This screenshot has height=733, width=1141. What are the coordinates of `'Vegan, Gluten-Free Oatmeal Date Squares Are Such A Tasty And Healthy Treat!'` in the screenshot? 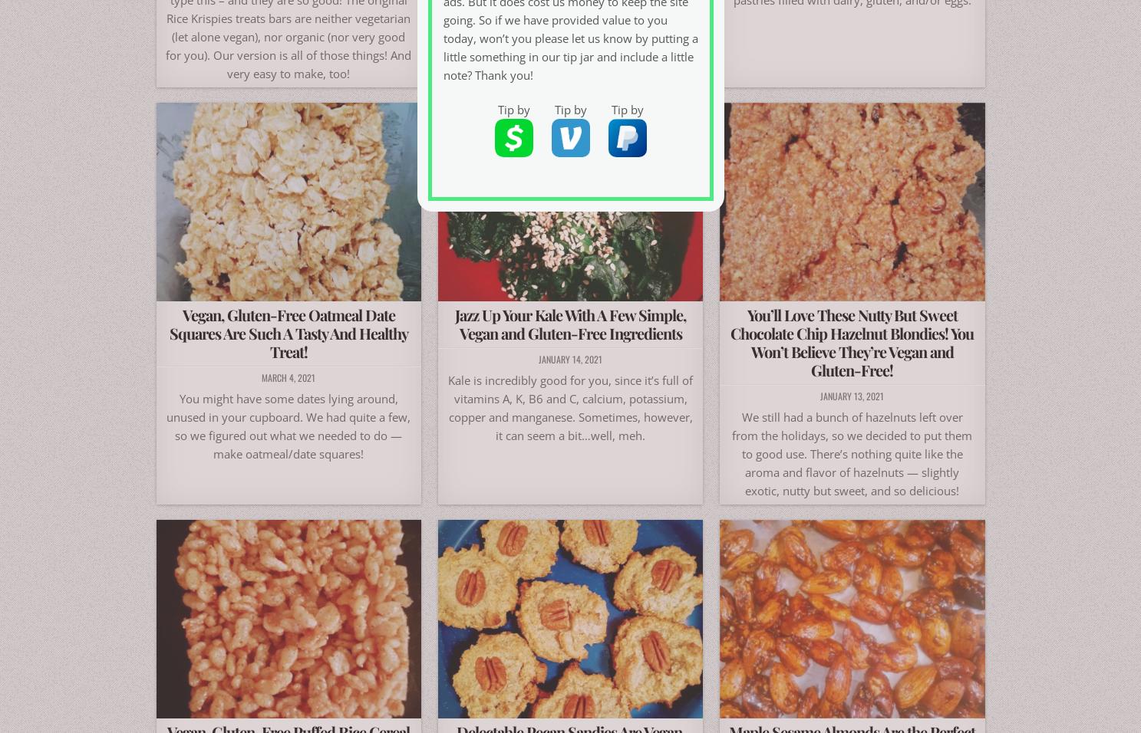 It's located at (288, 332).